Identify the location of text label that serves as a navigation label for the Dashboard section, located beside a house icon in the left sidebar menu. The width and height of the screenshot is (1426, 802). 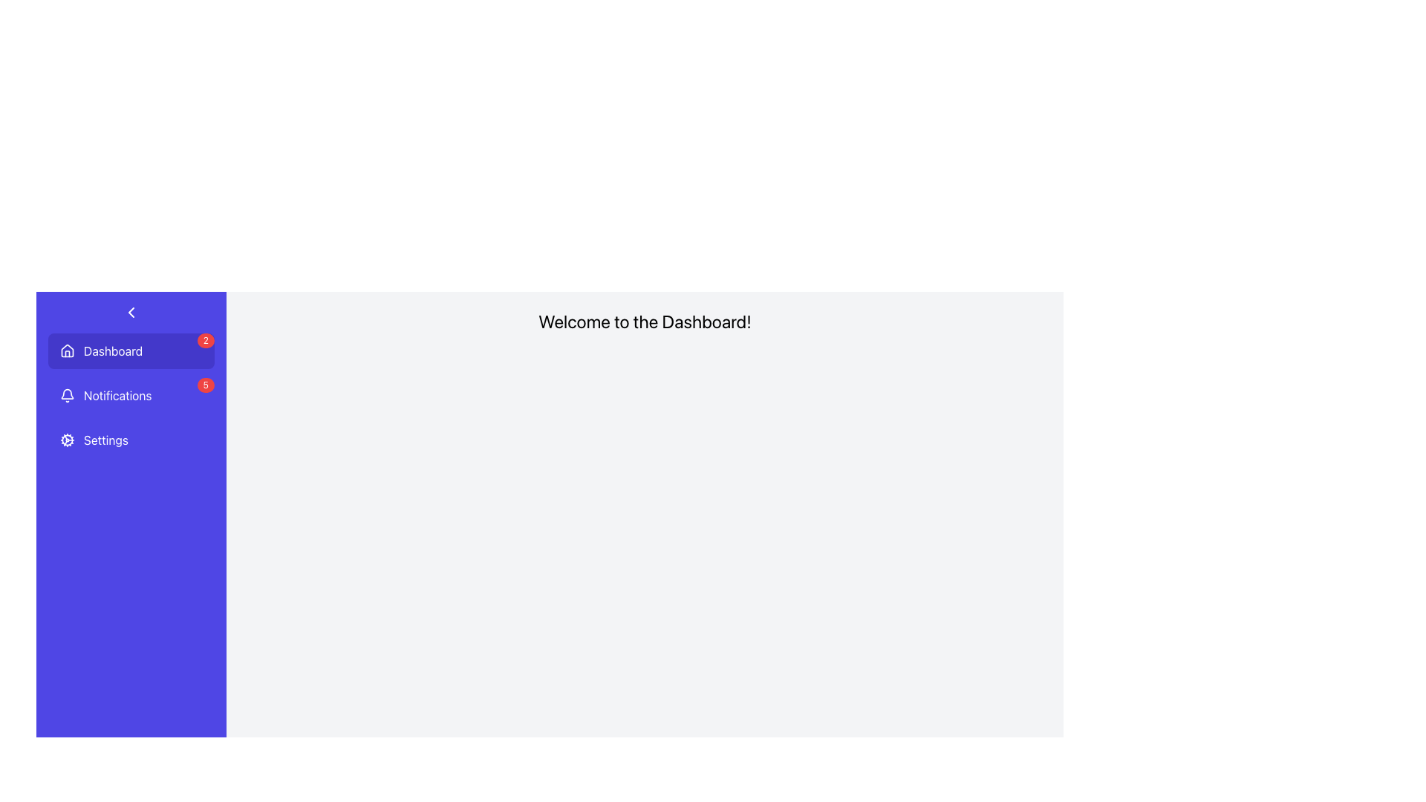
(112, 351).